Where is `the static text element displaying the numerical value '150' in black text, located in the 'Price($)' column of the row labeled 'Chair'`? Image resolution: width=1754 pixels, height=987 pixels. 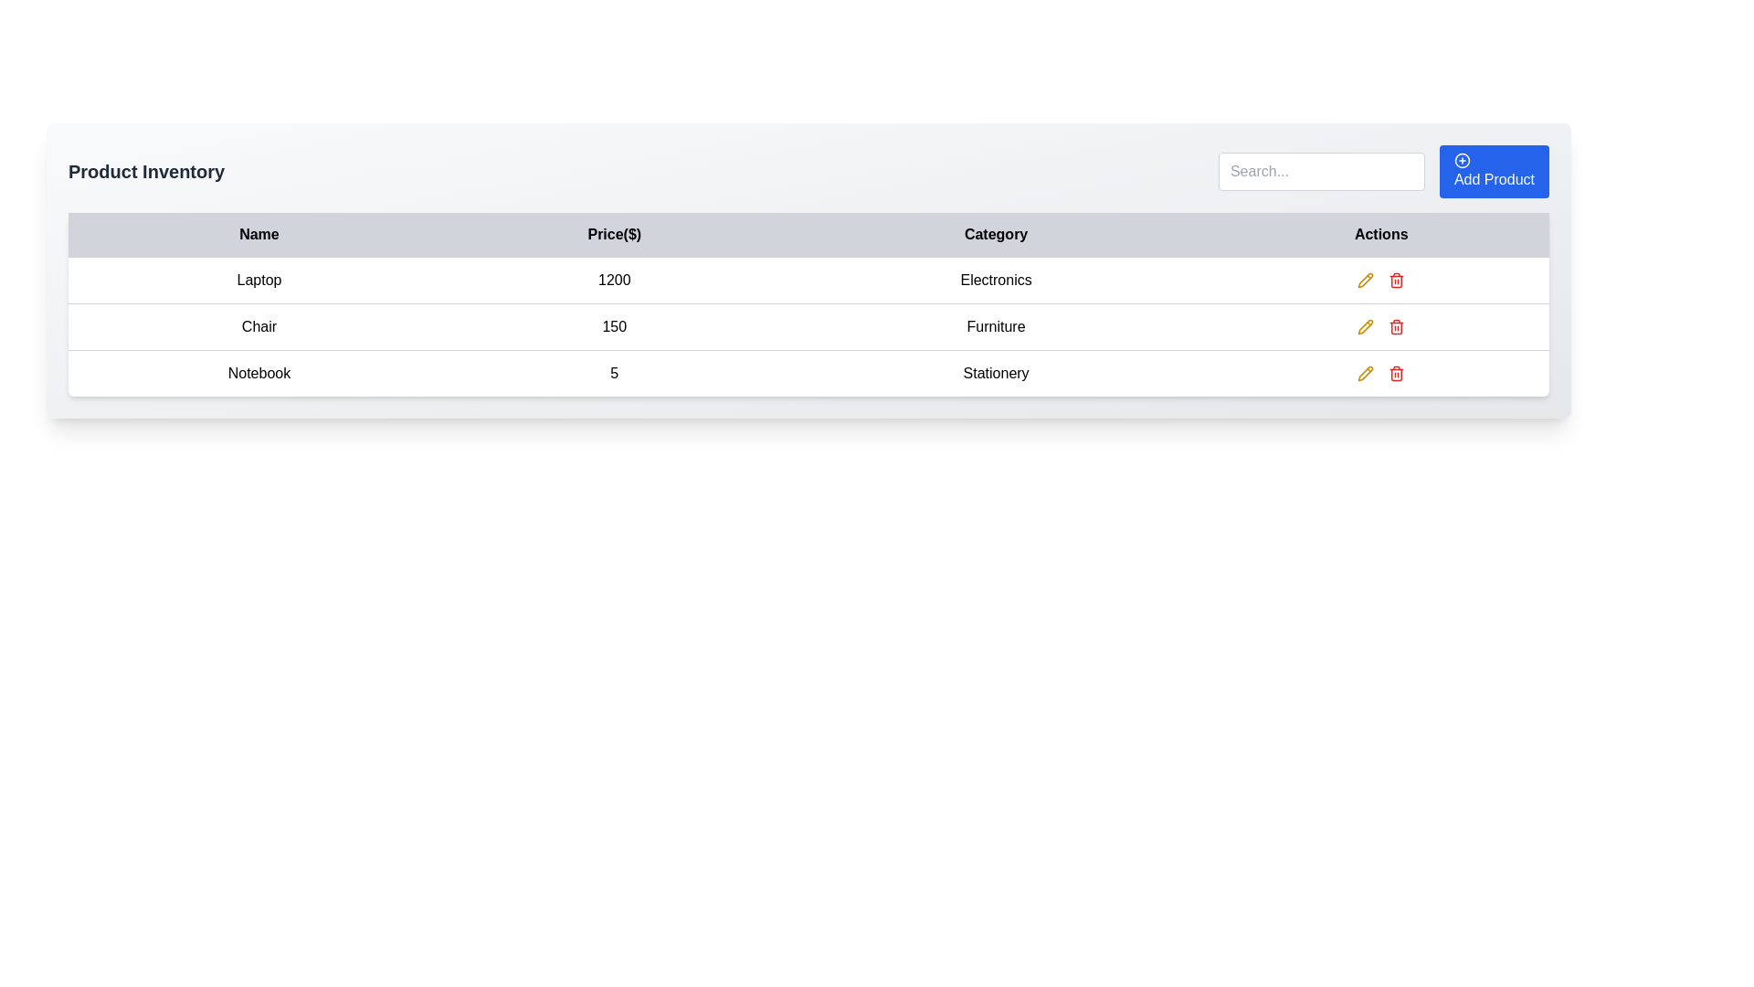
the static text element displaying the numerical value '150' in black text, located in the 'Price($)' column of the row labeled 'Chair' is located at coordinates (614, 326).